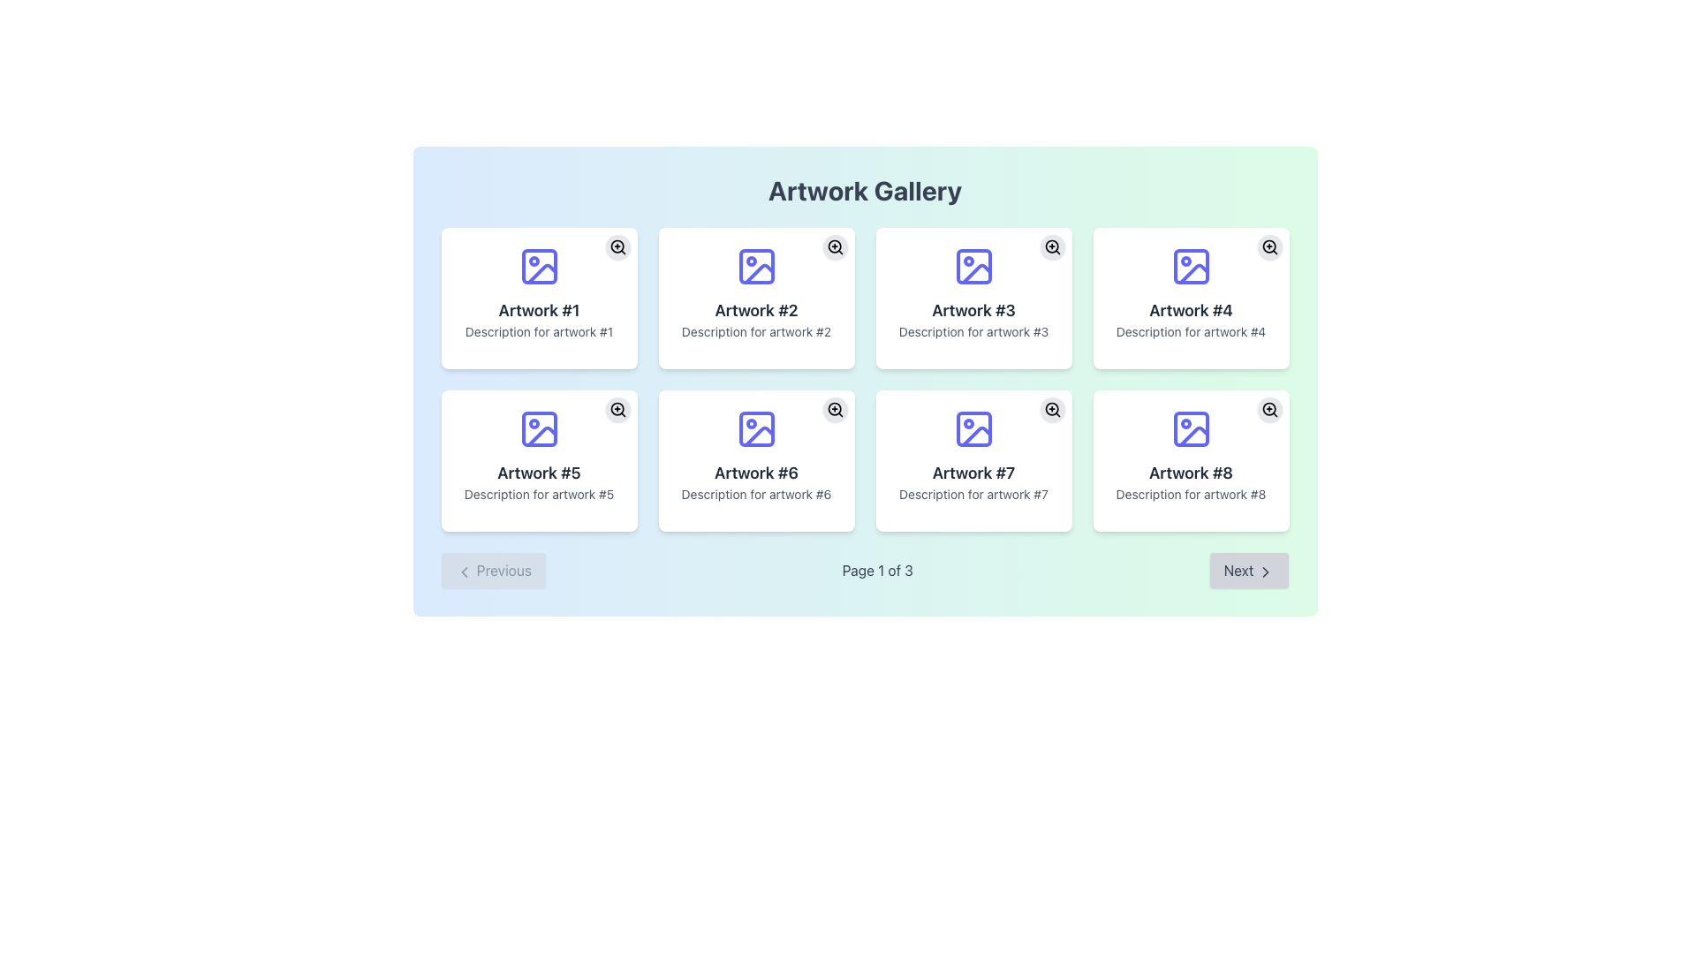 This screenshot has height=954, width=1696. Describe the element at coordinates (756, 429) in the screenshot. I see `the decorative icon representing artwork #6, located in the sixth card of the grid layout, positioned near the top center above the title text` at that location.